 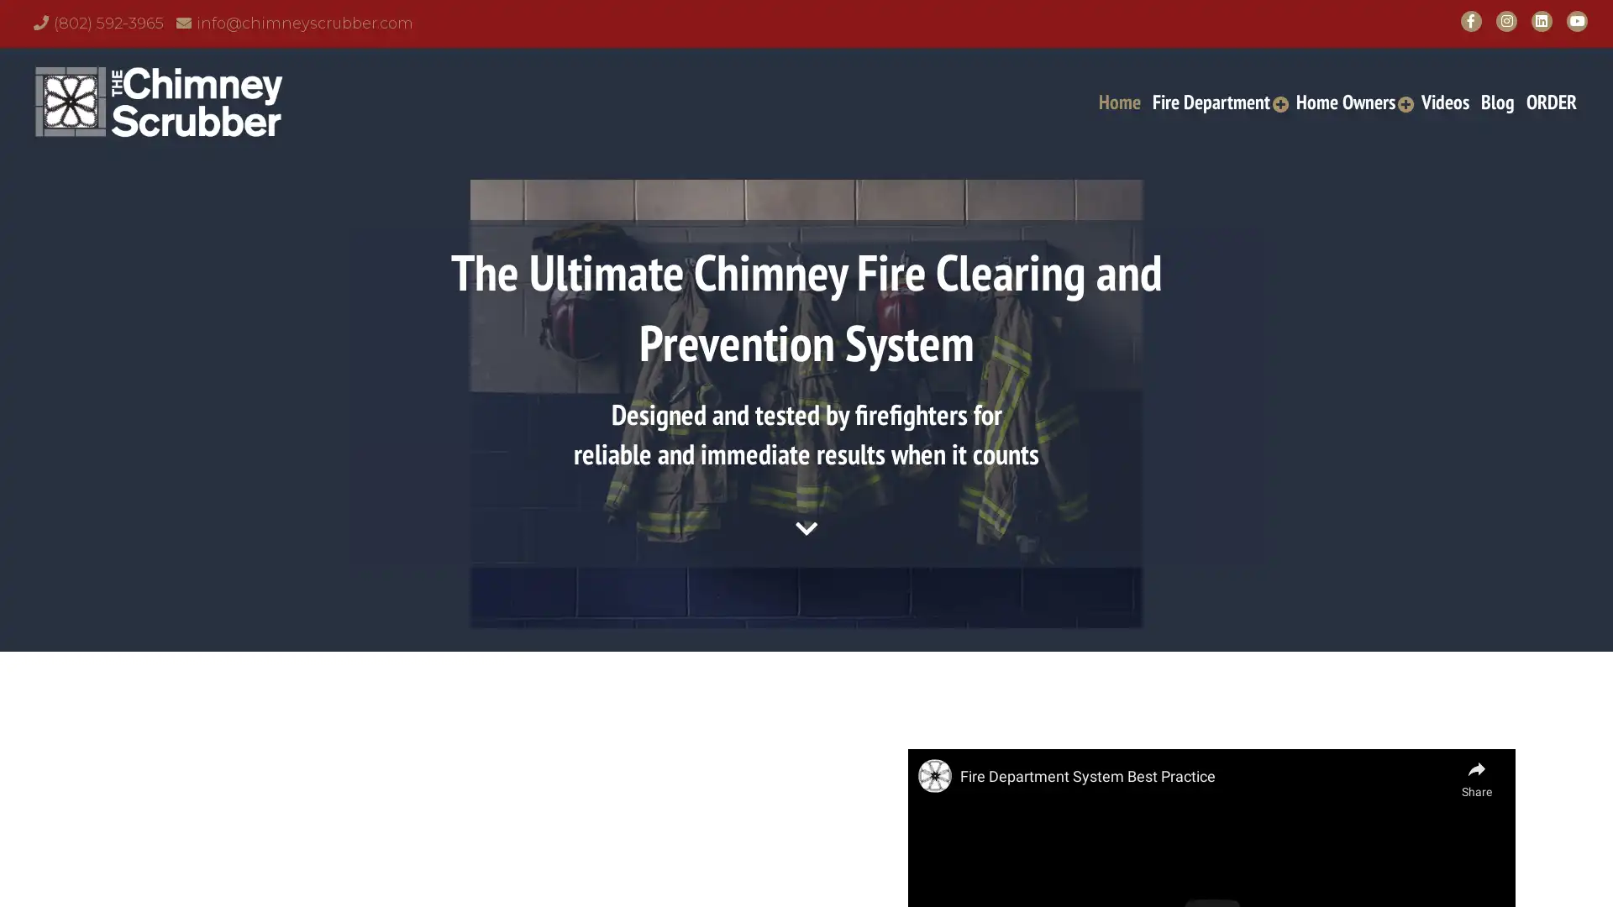 What do you see at coordinates (1506, 18) in the screenshot?
I see `Instagram` at bounding box center [1506, 18].